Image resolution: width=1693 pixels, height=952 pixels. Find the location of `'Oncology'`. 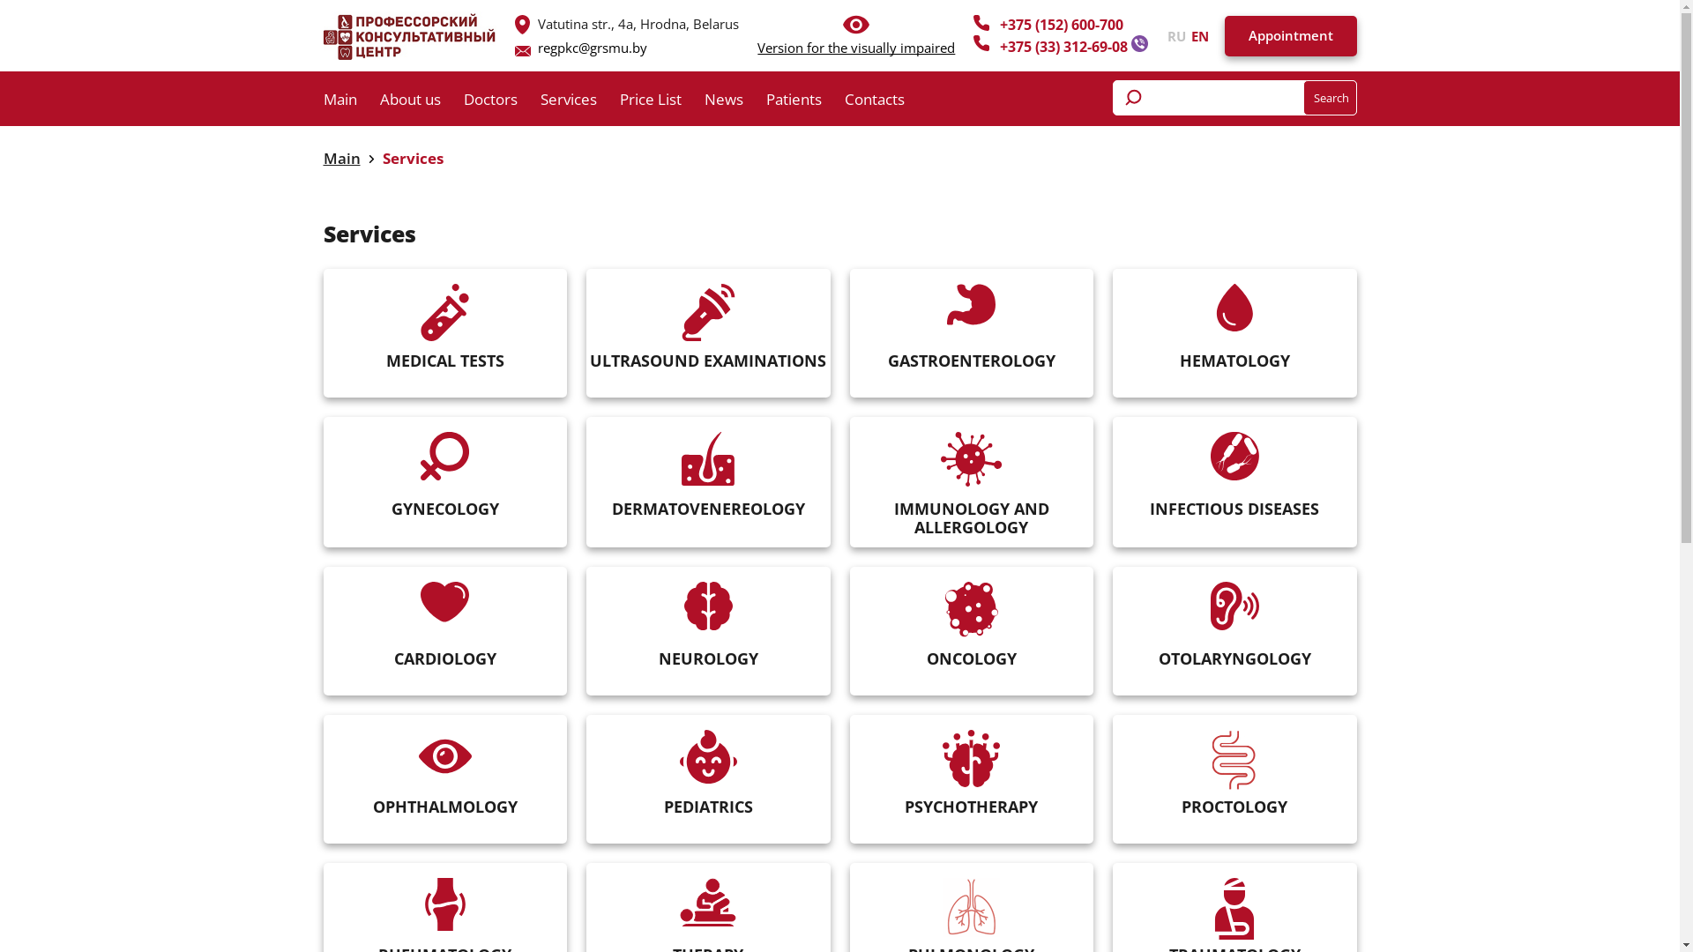

'Oncology' is located at coordinates (971, 608).